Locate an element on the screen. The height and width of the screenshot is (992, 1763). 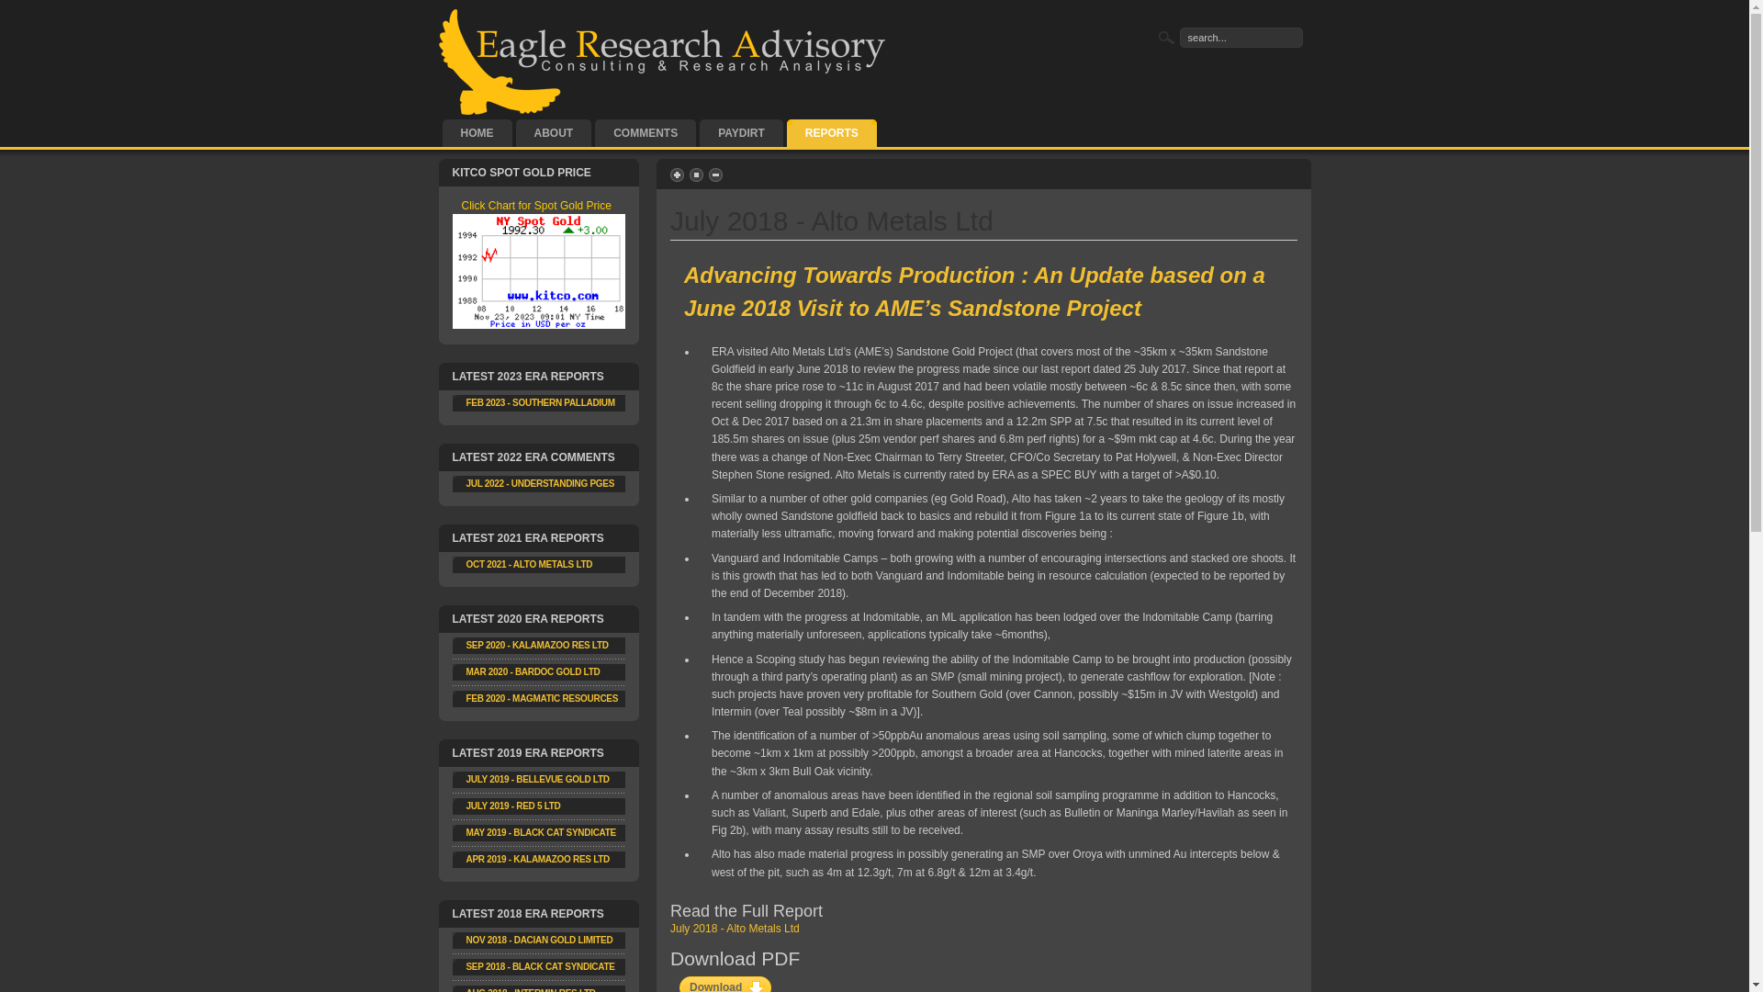
'ABOUT' is located at coordinates (553, 132).